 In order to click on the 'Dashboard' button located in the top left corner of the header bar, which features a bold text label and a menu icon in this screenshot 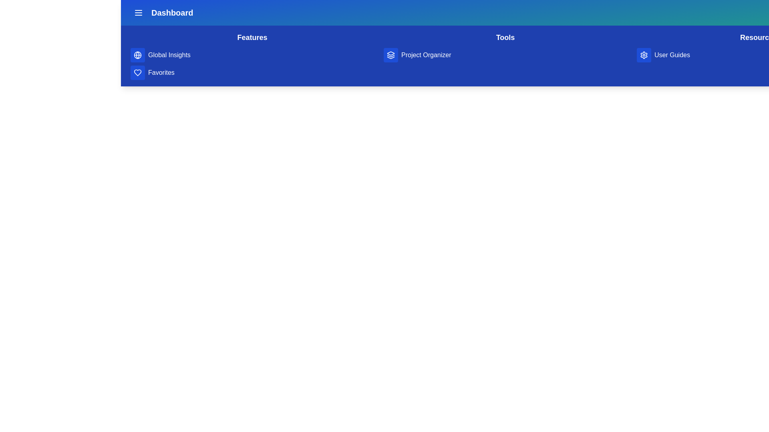, I will do `click(161, 12)`.